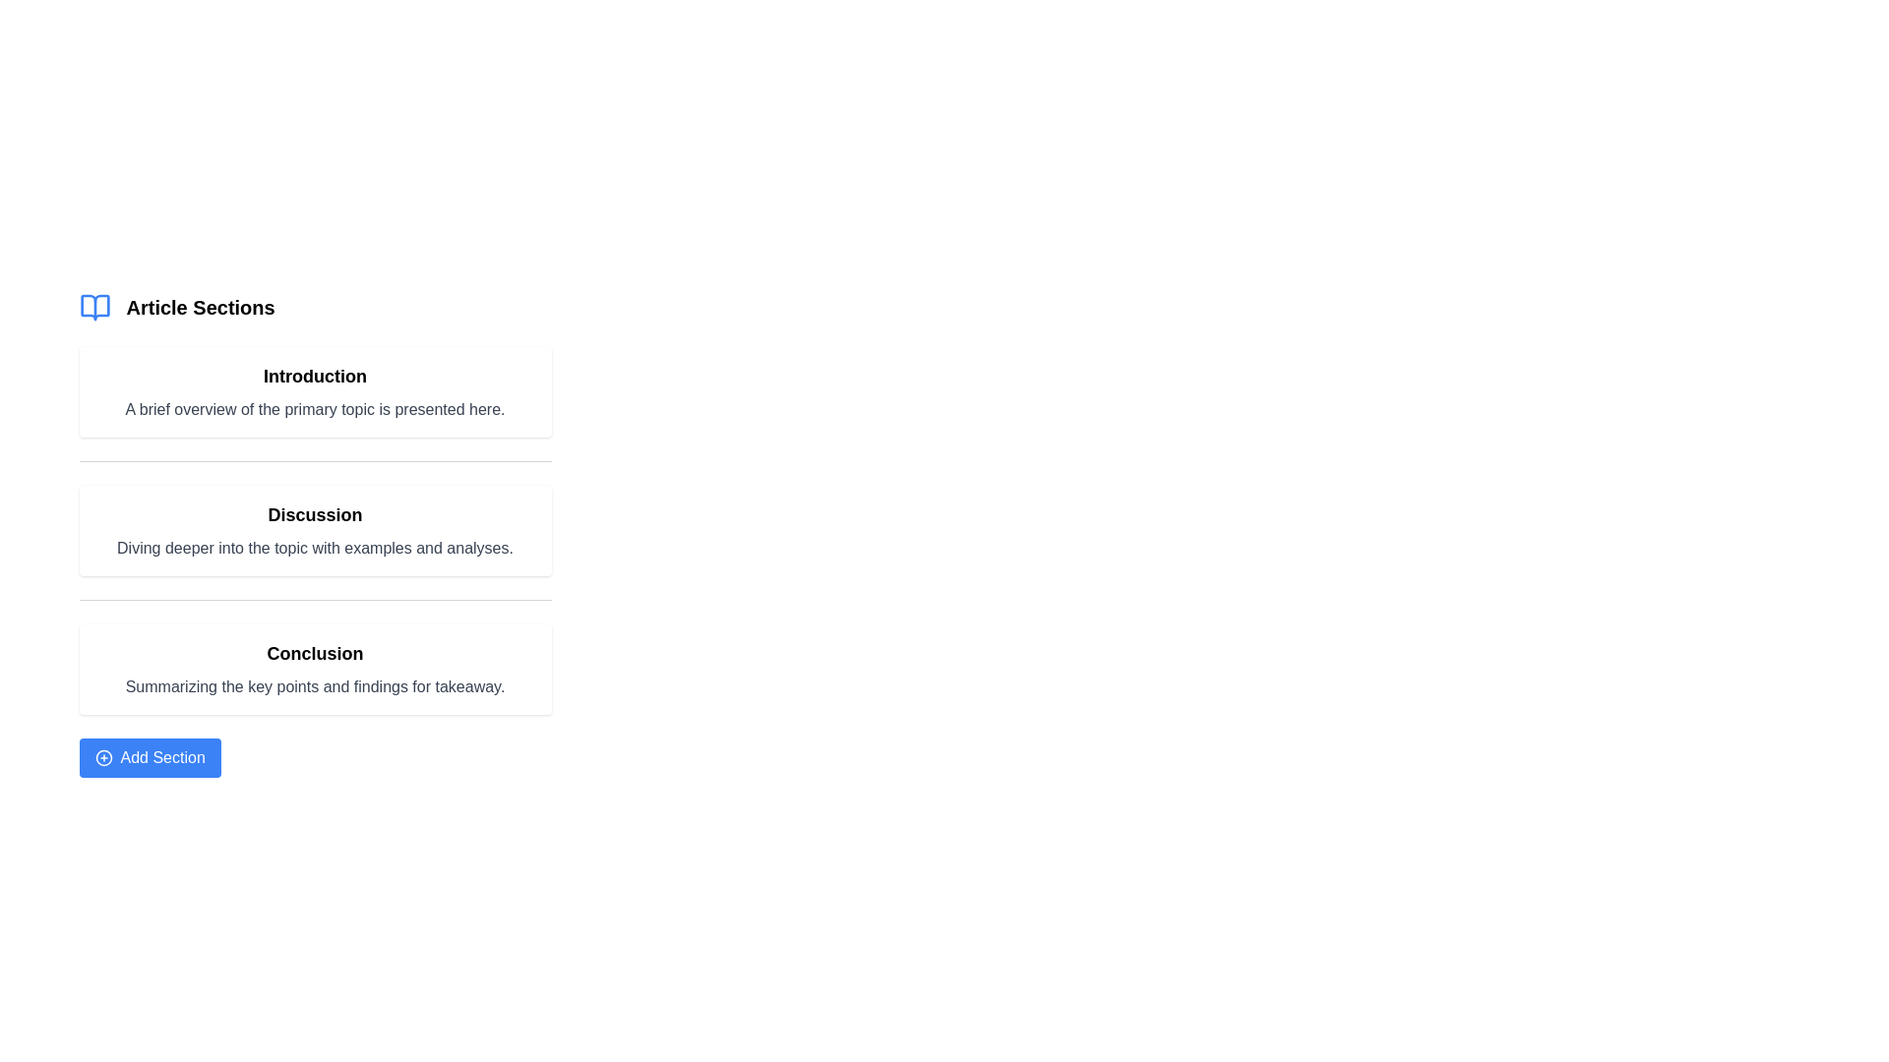 The image size is (1889, 1062). What do you see at coordinates (149, 757) in the screenshot?
I see `the 'Add Section' button, which is a rectangular button with rounded corners, blue background, and white text located near the bottom of the UI` at bounding box center [149, 757].